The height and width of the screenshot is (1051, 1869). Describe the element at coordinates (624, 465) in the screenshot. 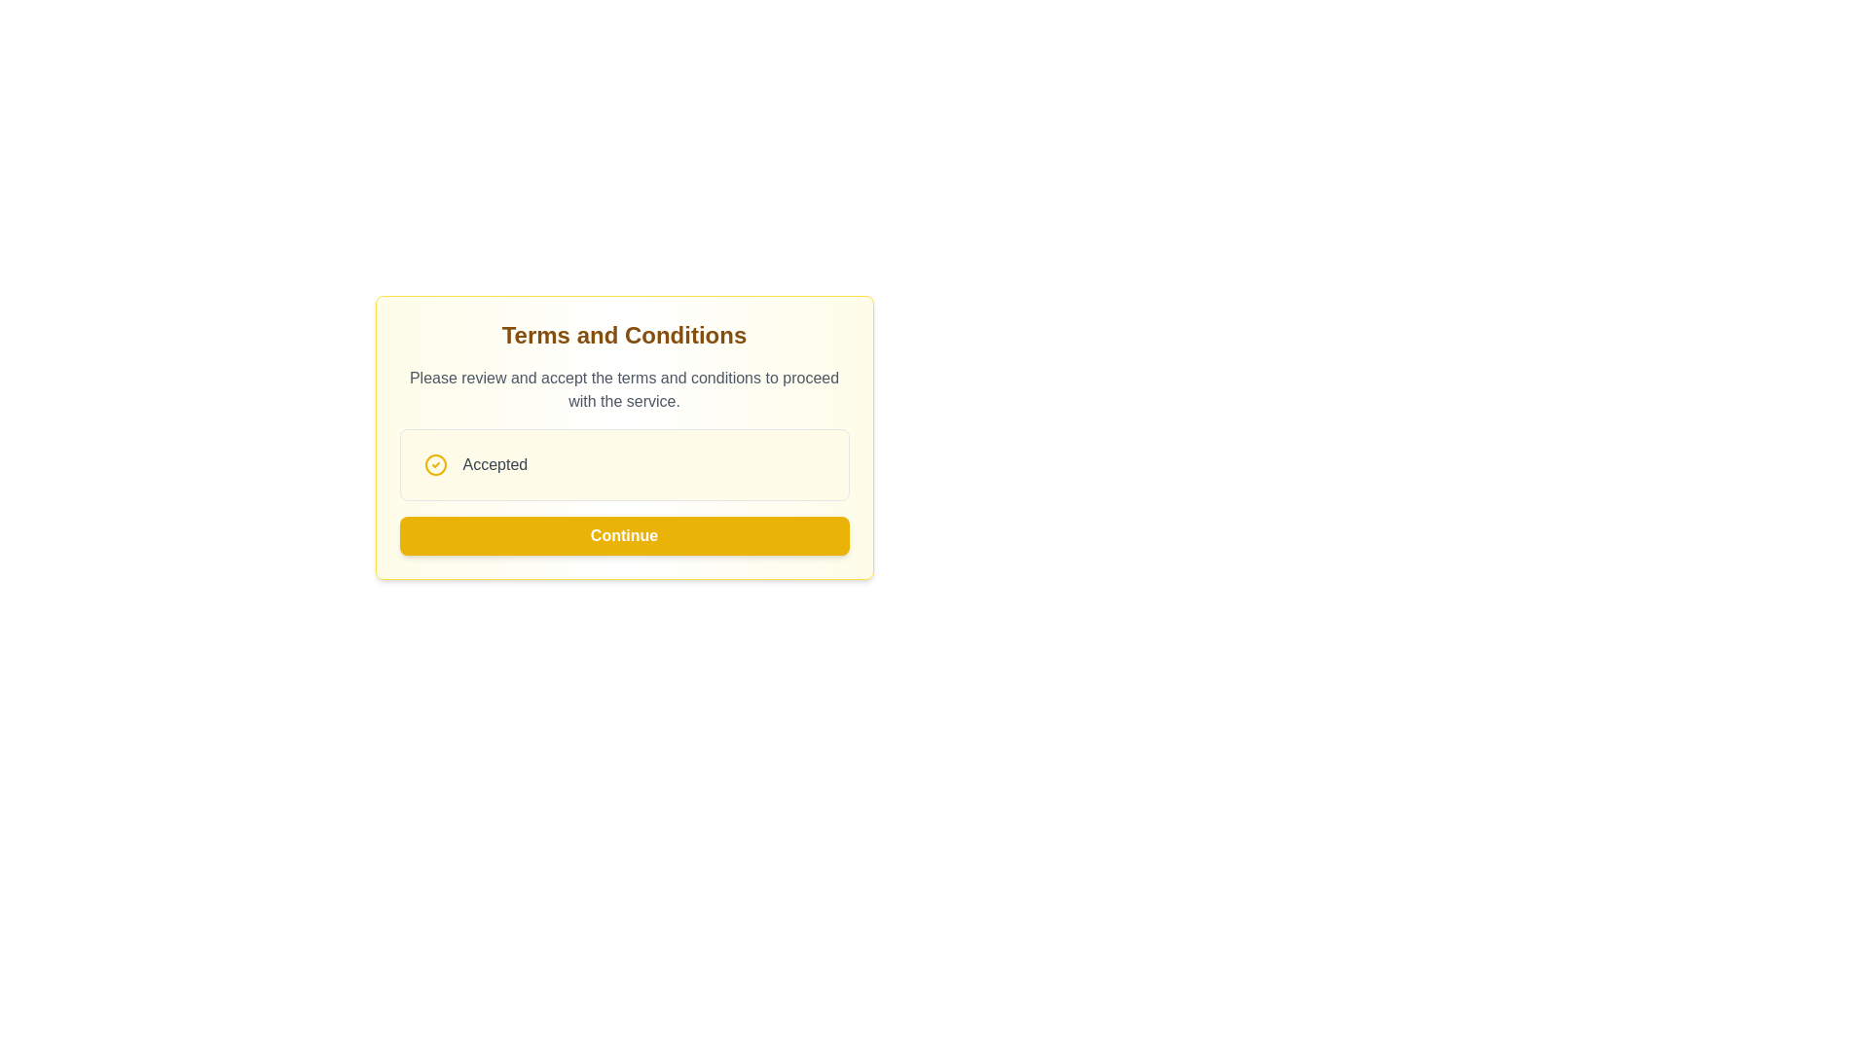

I see `the status indicator box that indicates whether the terms and conditions have been accepted, located below the title 'Terms and Conditions' and above the 'Continue' button` at that location.